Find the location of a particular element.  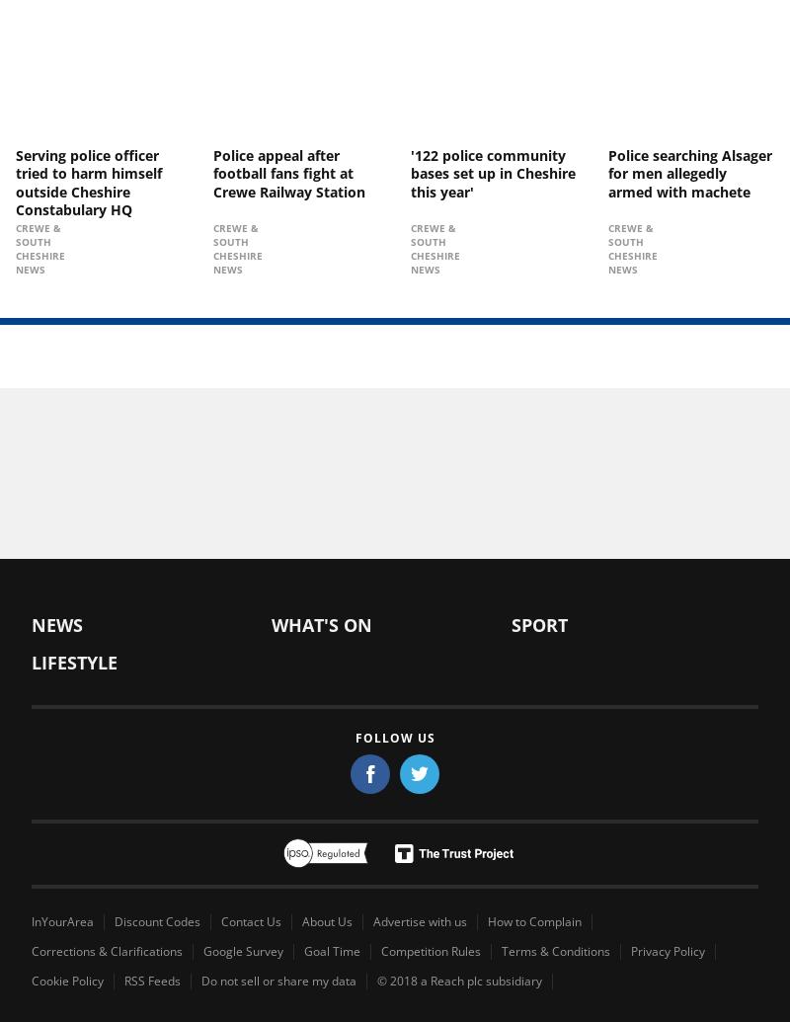

'Advertise with us' is located at coordinates (420, 920).